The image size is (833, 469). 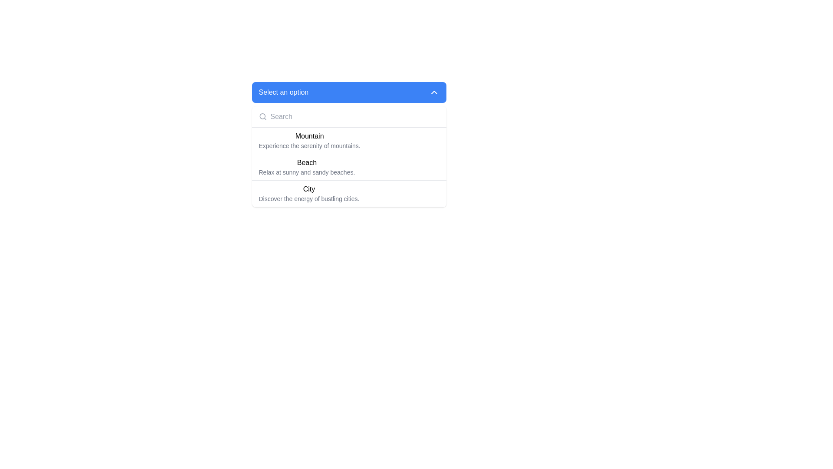 What do you see at coordinates (309, 145) in the screenshot?
I see `the text label that displays the phrase 'Experience the serenity of mountains.' located below the 'Mountain' header in the dropdown list` at bounding box center [309, 145].